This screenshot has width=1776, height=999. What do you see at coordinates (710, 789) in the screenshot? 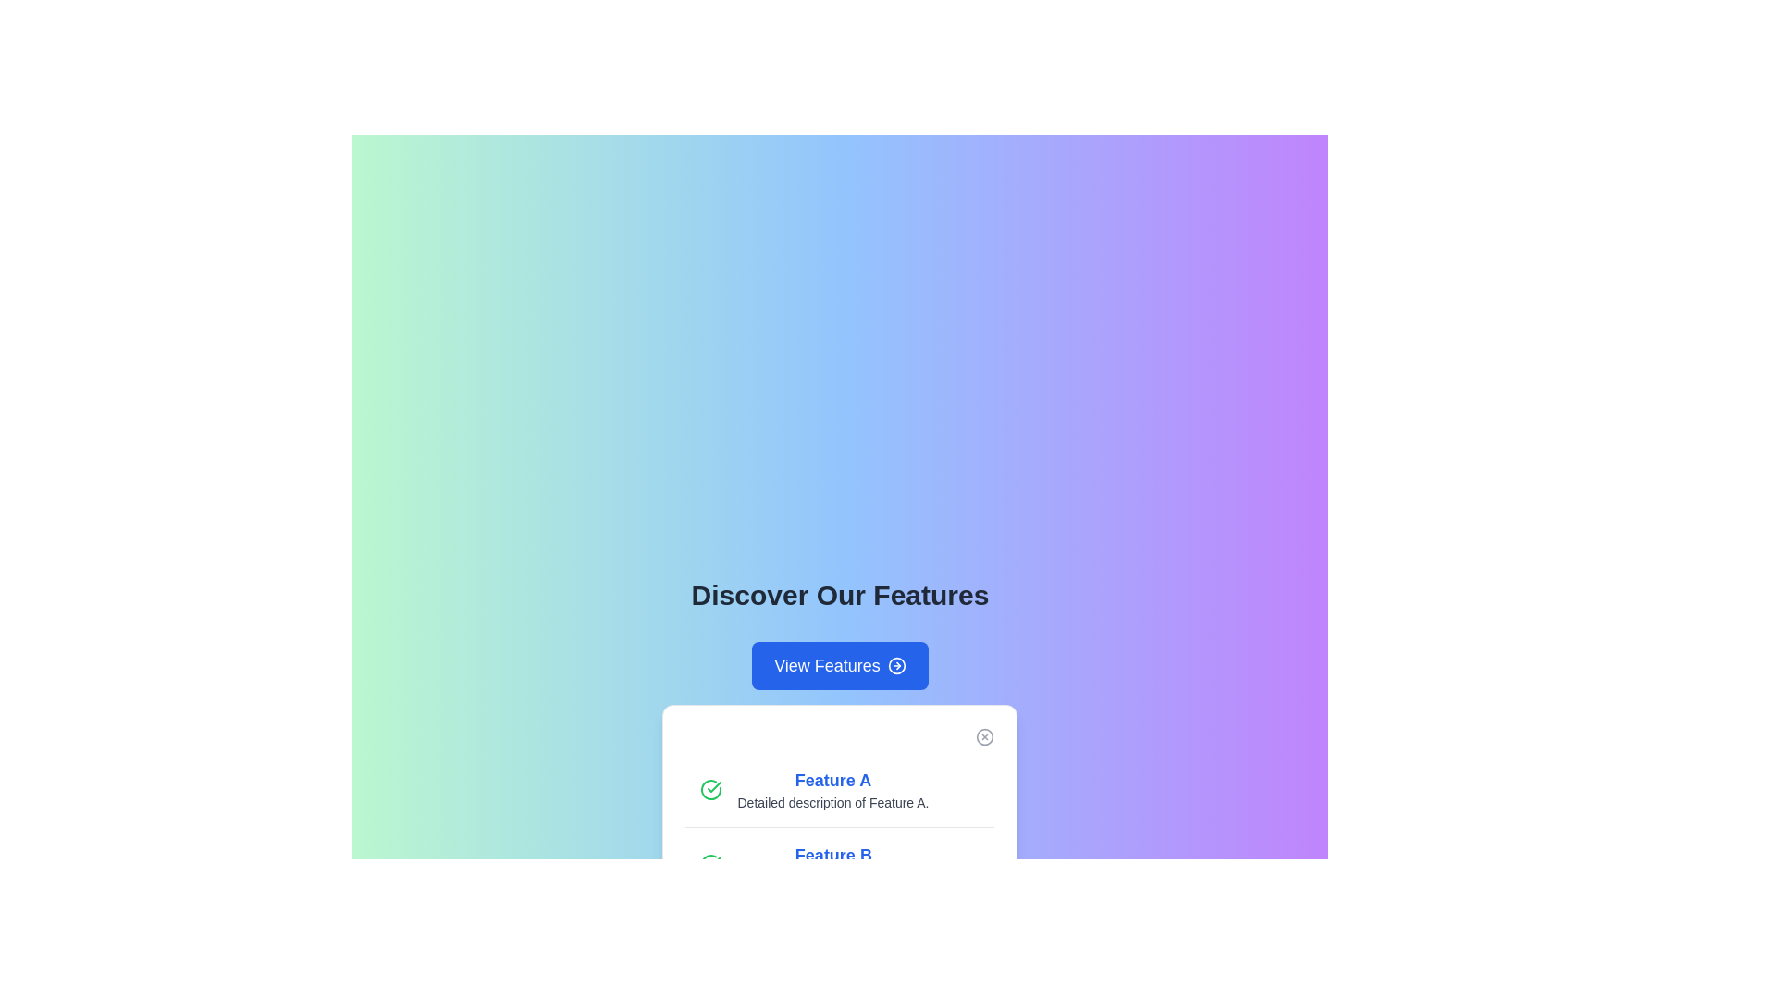
I see `the green circular checkmark icon that indicates a positive status for 'Feature A', positioned to the left of the heading text` at bounding box center [710, 789].